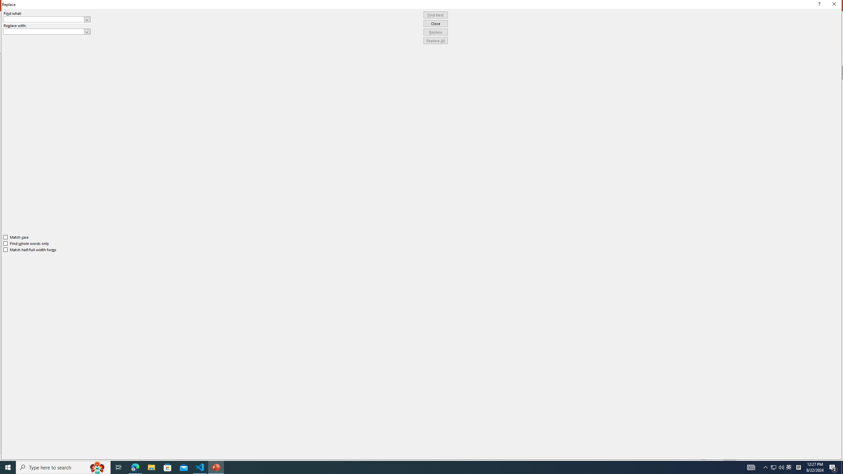 This screenshot has width=843, height=474. I want to click on 'Replace All', so click(435, 40).